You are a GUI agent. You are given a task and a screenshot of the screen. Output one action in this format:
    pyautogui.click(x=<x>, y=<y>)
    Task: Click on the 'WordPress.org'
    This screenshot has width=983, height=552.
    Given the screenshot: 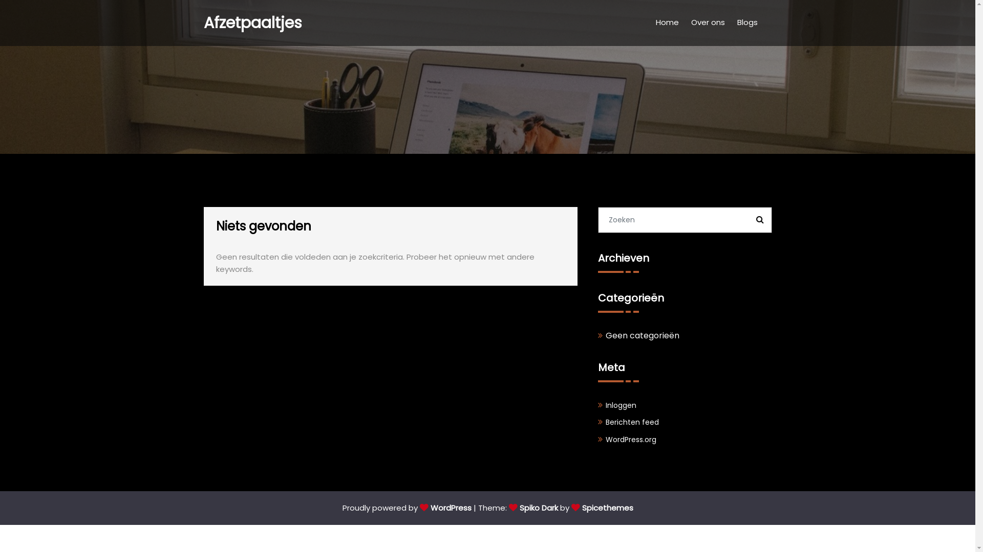 What is the action you would take?
    pyautogui.click(x=630, y=439)
    